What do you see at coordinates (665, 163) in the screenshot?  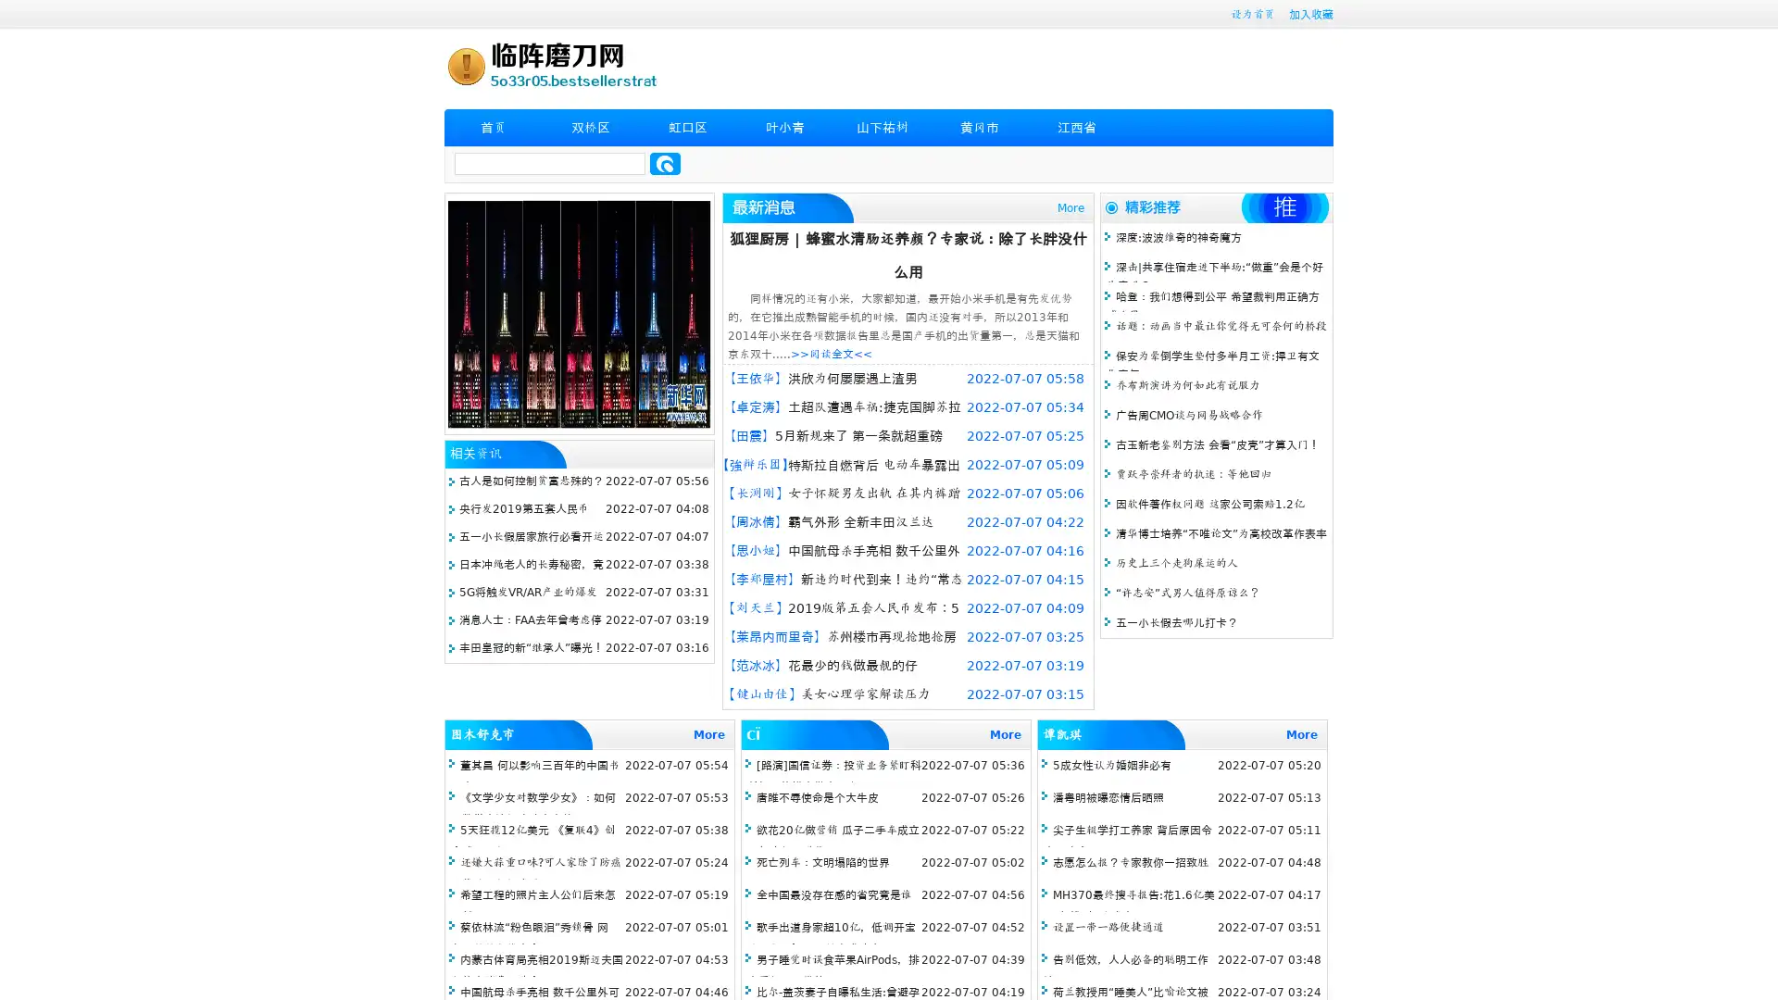 I see `Search` at bounding box center [665, 163].